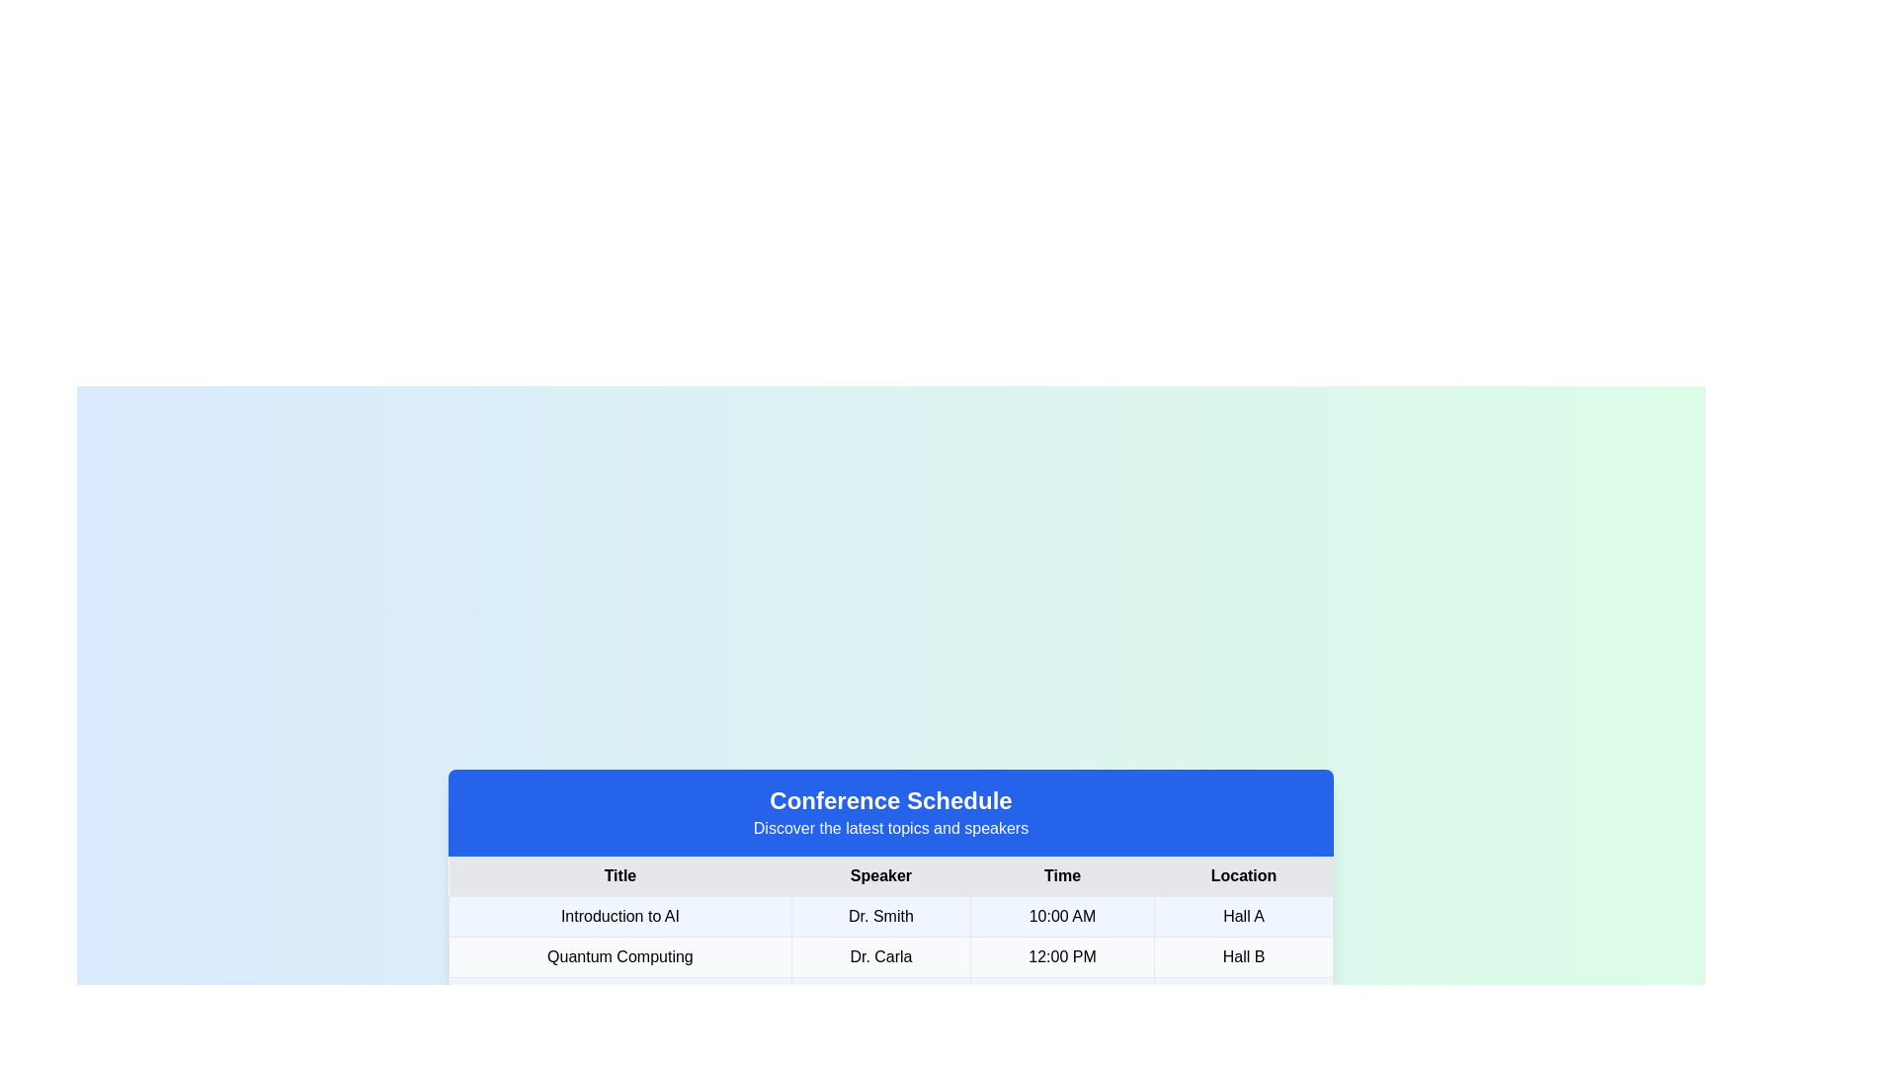 The height and width of the screenshot is (1067, 1897). Describe the element at coordinates (1061, 875) in the screenshot. I see `text of the table header cell indicating time-related information, located in the third column of the table between 'Speaker' and 'Location'` at that location.